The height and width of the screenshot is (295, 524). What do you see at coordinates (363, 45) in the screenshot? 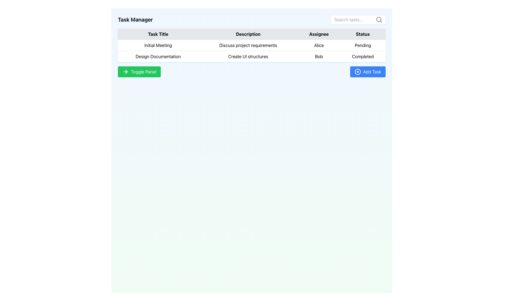
I see `the static text label displaying 'Pending' in the 'Status' column of the table for the task titled 'Initial Meeting'` at bounding box center [363, 45].